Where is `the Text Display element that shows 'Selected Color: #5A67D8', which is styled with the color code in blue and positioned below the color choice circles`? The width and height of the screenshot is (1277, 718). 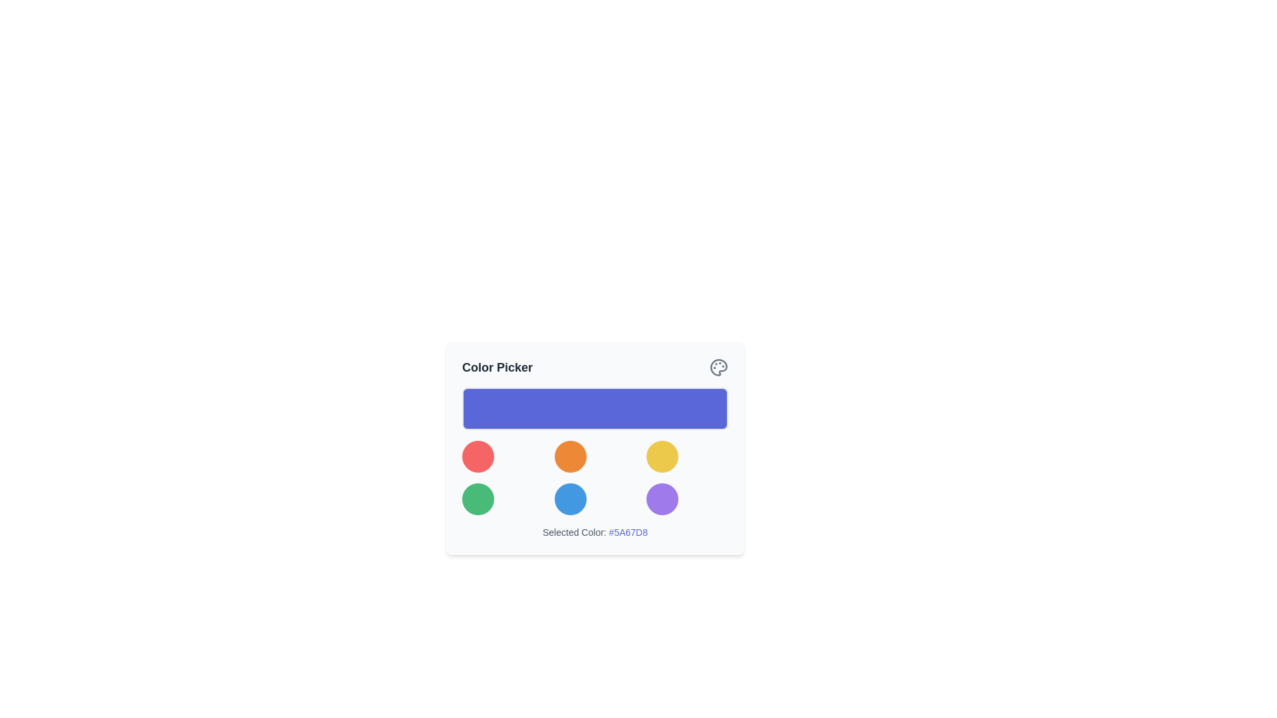 the Text Display element that shows 'Selected Color: #5A67D8', which is styled with the color code in blue and positioned below the color choice circles is located at coordinates (594, 532).